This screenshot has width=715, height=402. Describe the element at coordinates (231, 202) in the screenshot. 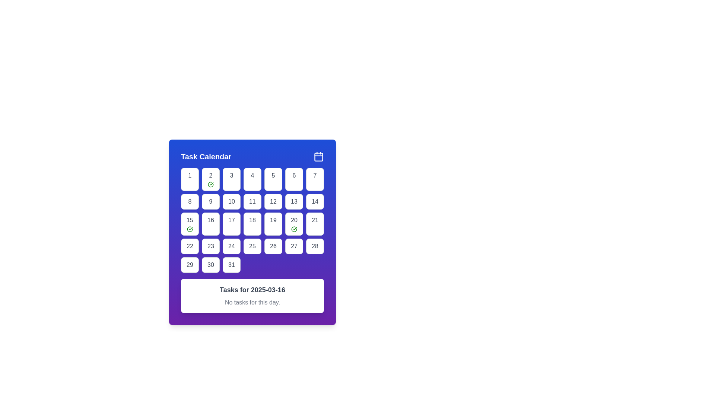

I see `on the calendar date box displaying the number '10'` at that location.